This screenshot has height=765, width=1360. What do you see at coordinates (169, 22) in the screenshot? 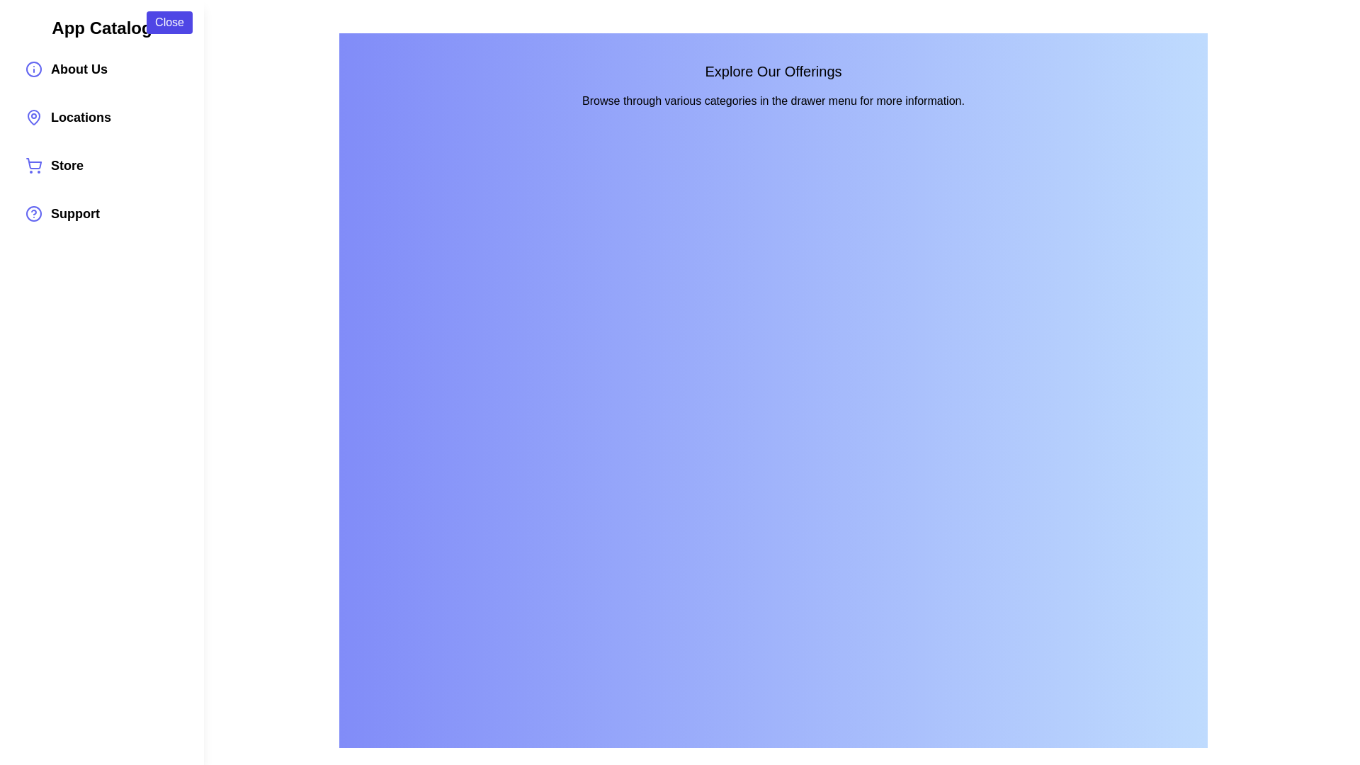
I see `the 'Close' button to toggle the drawer visibility` at bounding box center [169, 22].